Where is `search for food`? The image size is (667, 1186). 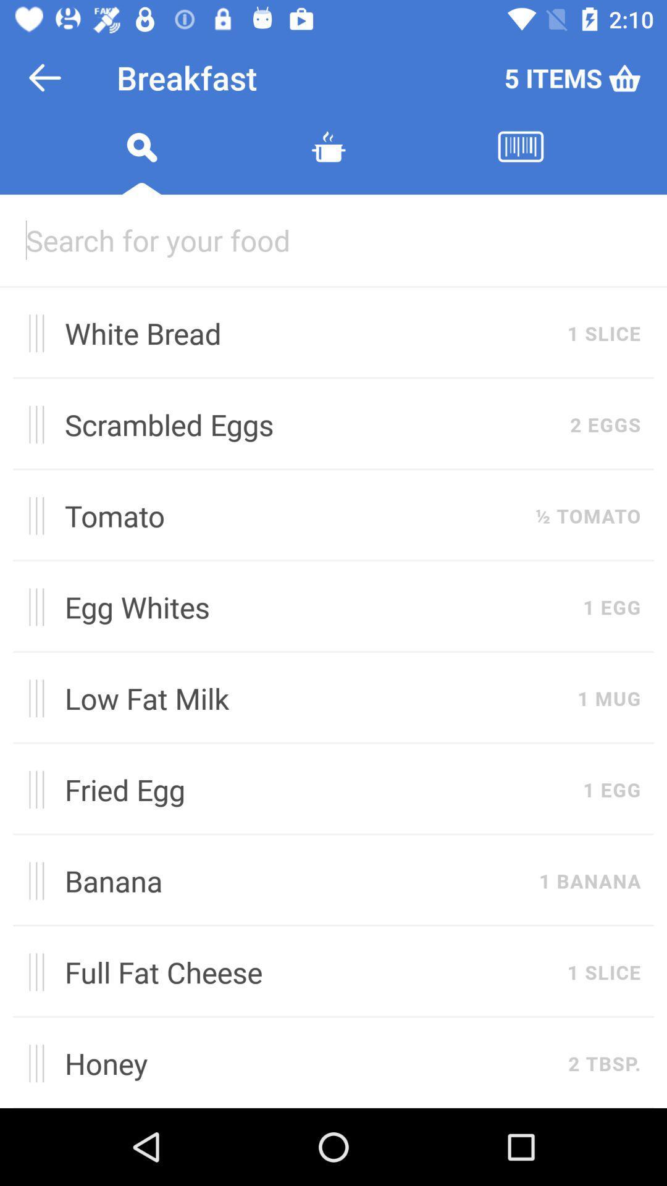 search for food is located at coordinates (141, 161).